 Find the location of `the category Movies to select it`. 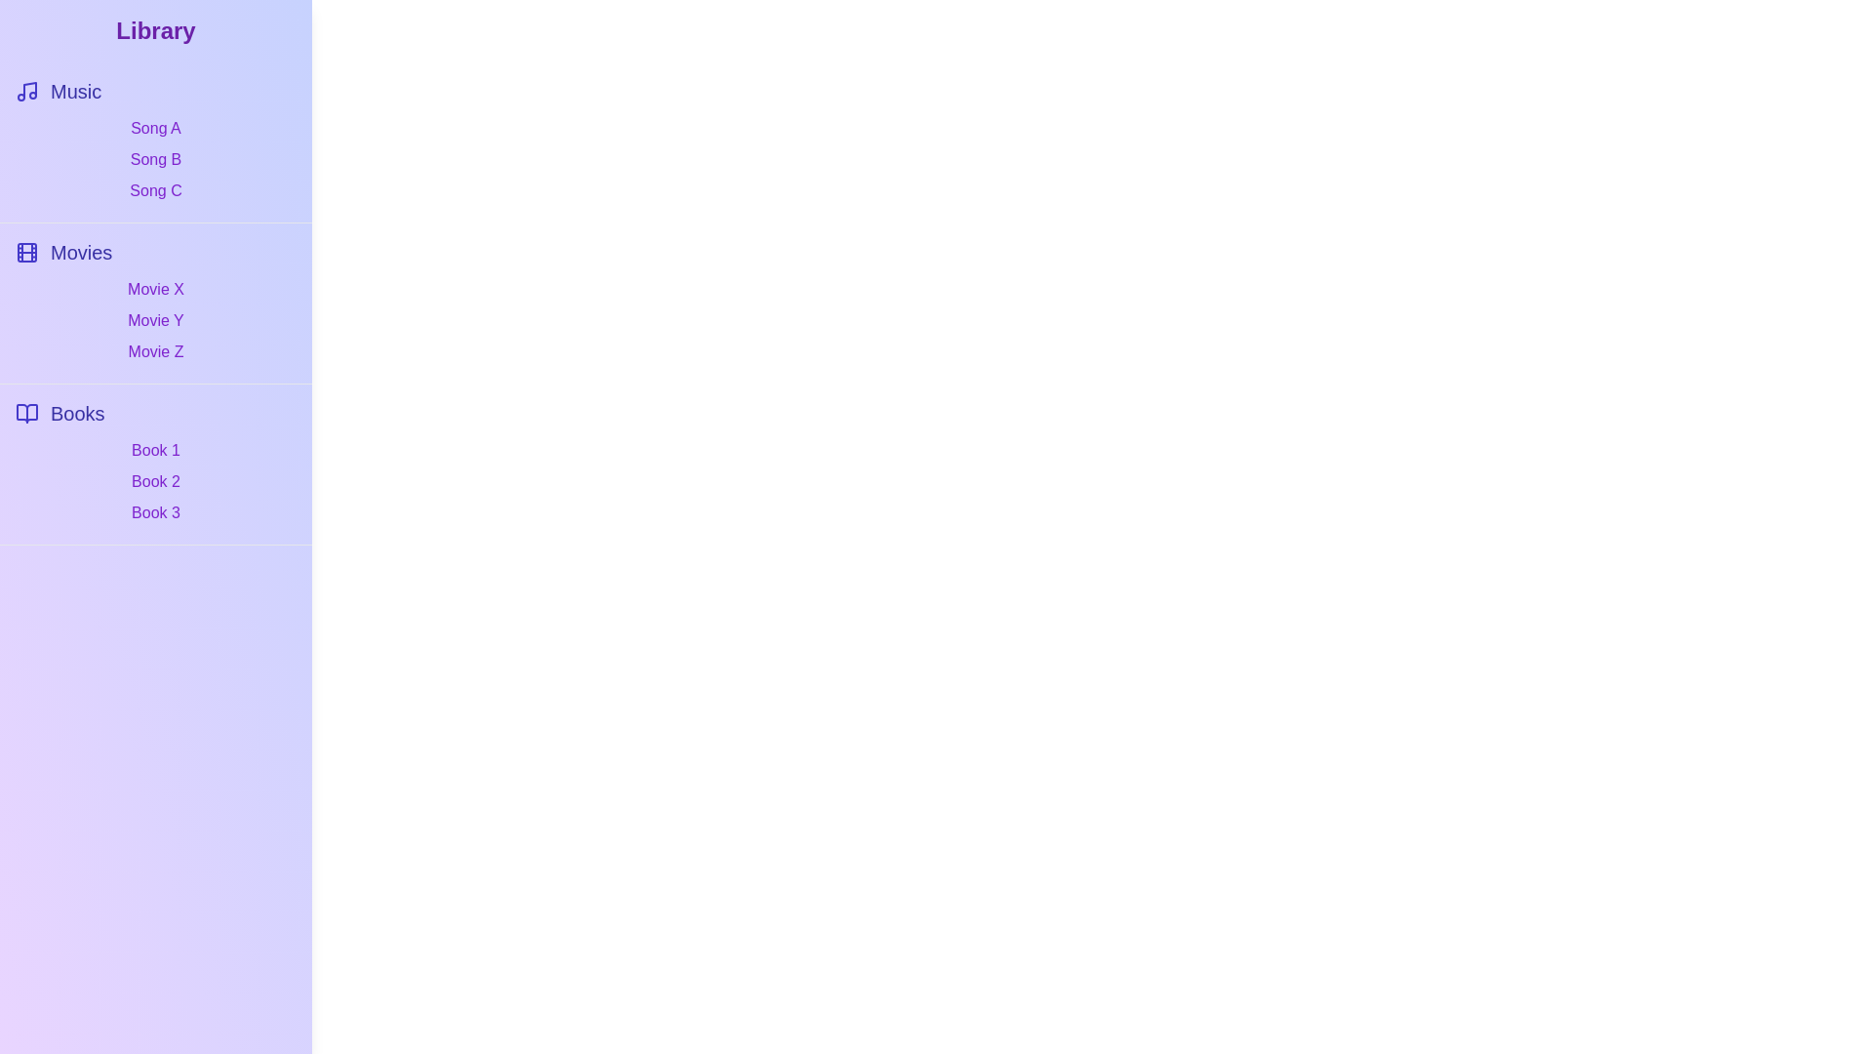

the category Movies to select it is located at coordinates (154, 251).